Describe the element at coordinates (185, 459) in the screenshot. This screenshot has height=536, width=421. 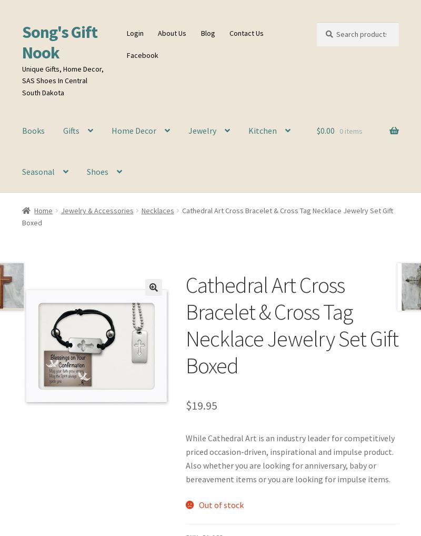
I see `'While Cathedral Art is an industry leader for competitively priced occasion-driven, inspirational and impulse product. Also whether you are looking for anniversary, baby or bereavement items or you are looking for impulse items.'` at that location.